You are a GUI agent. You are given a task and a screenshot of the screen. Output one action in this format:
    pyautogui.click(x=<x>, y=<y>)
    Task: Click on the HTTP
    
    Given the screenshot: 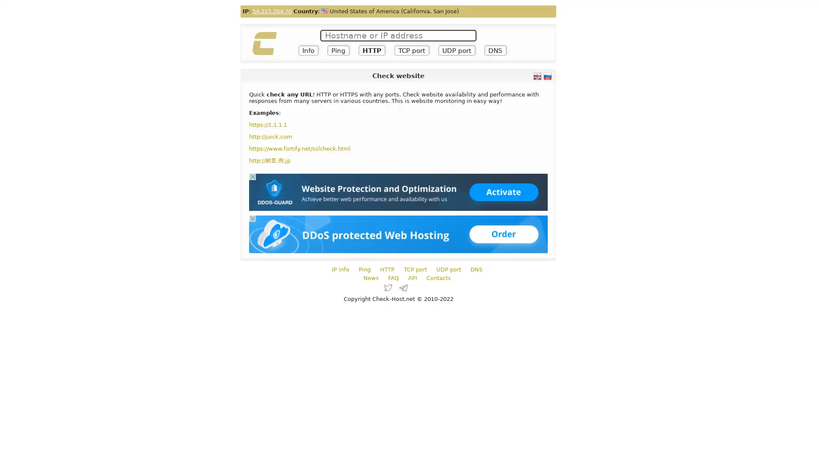 What is the action you would take?
    pyautogui.click(x=371, y=50)
    